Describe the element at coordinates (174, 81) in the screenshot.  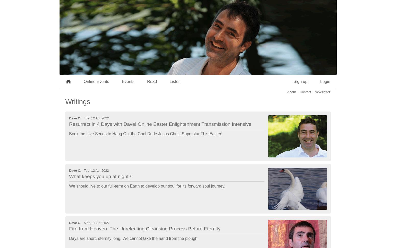
I see `'Listen'` at that location.